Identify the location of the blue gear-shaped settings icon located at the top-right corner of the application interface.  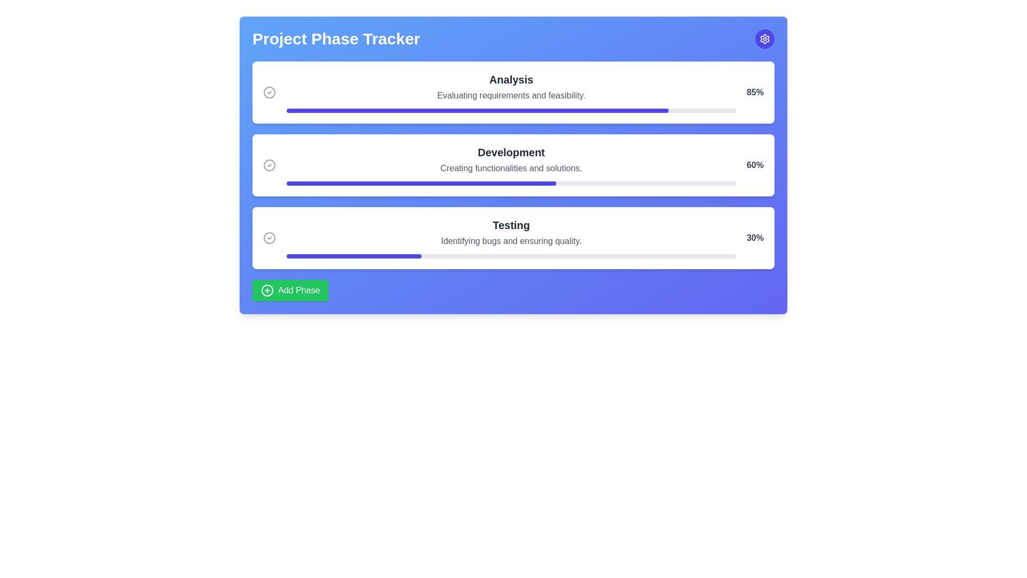
(764, 39).